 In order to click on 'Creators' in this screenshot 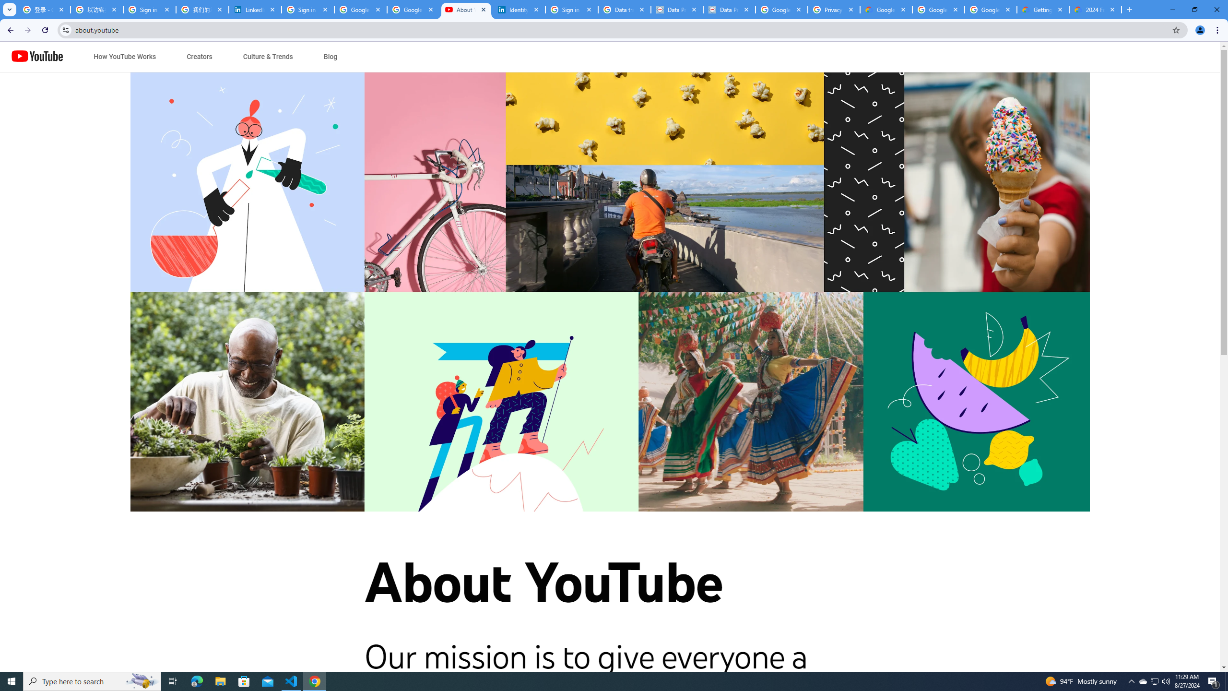, I will do `click(199, 57)`.